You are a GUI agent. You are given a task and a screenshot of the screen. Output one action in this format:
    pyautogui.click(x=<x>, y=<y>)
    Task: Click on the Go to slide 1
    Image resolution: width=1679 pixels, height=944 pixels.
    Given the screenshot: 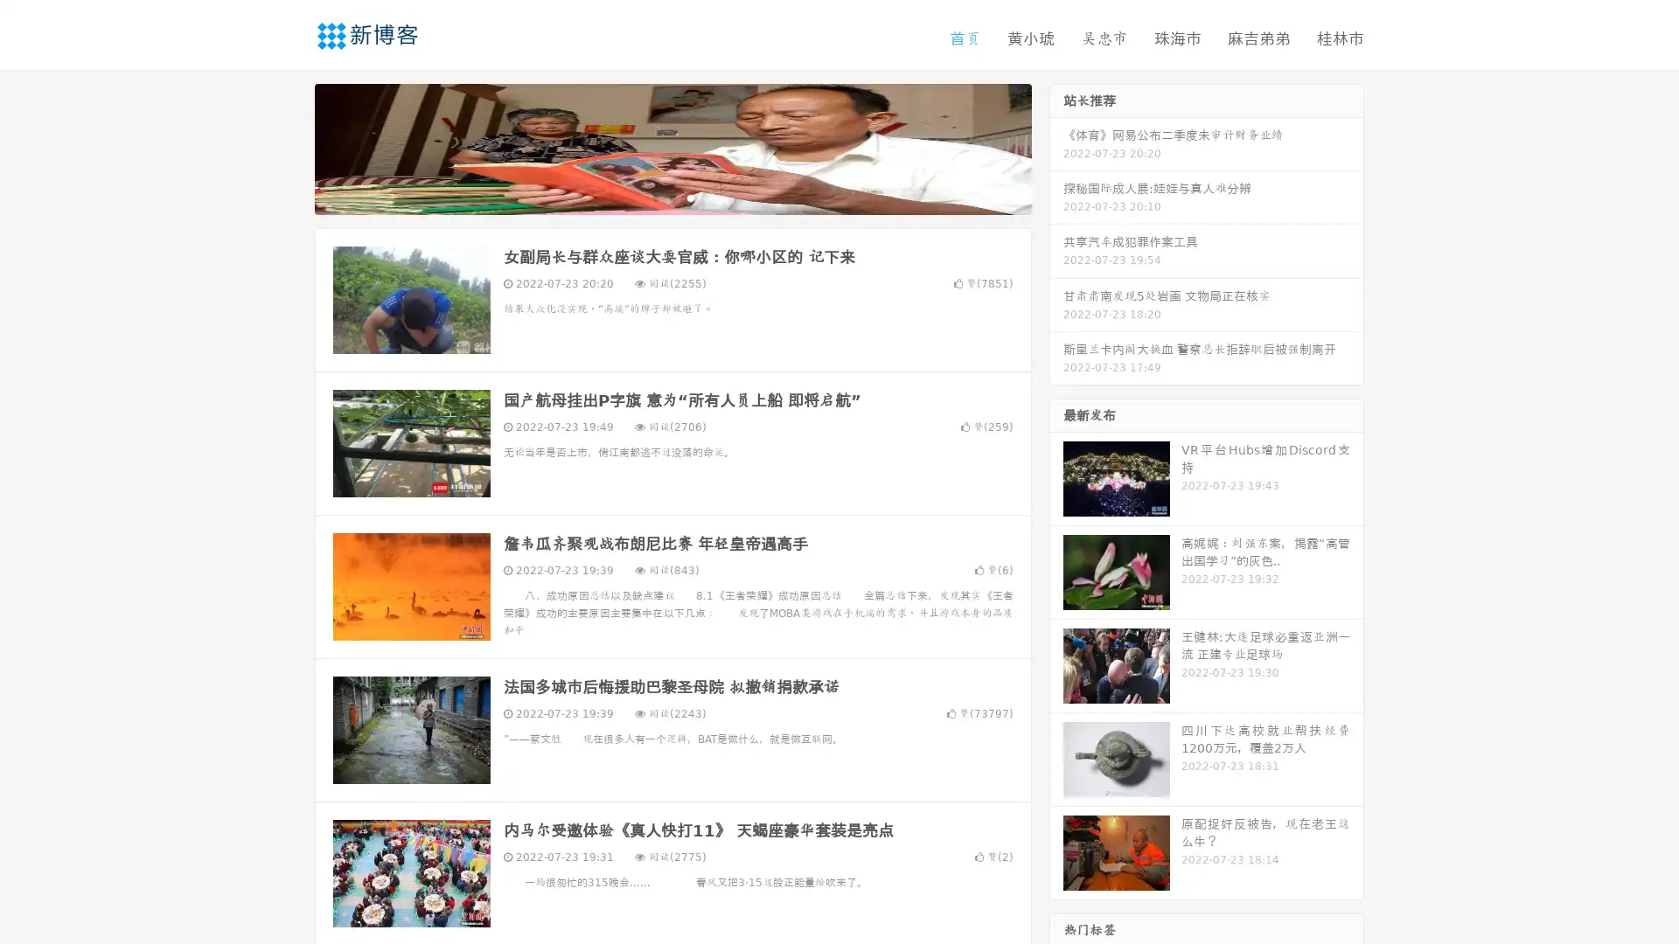 What is the action you would take?
    pyautogui.click(x=654, y=197)
    